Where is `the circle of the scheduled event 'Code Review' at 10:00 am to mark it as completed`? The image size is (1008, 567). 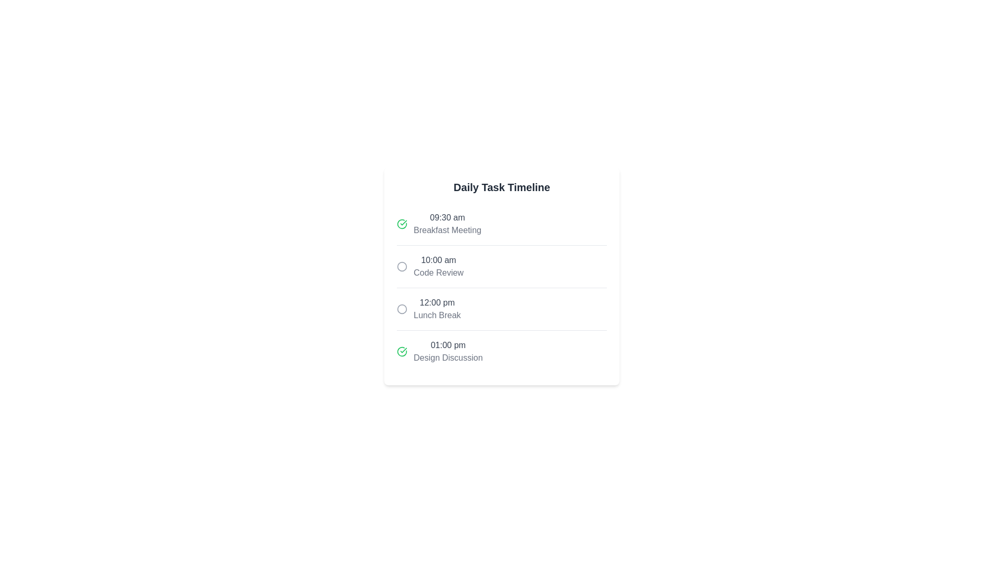 the circle of the scheduled event 'Code Review' at 10:00 am to mark it as completed is located at coordinates (501, 266).